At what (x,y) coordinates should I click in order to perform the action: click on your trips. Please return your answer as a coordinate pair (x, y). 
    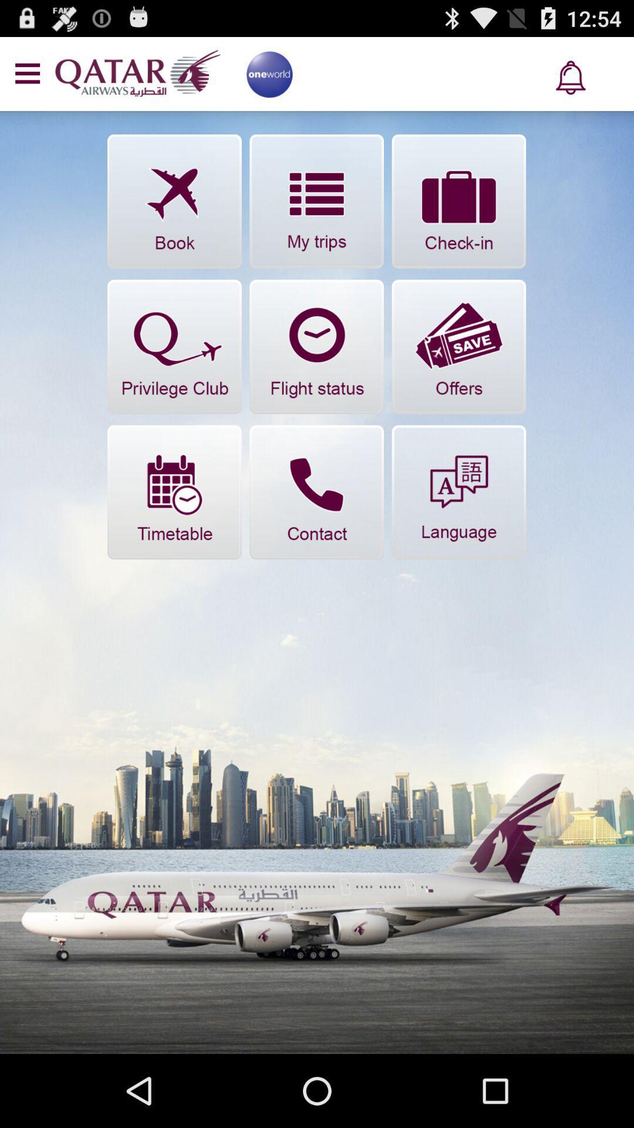
    Looking at the image, I should click on (316, 202).